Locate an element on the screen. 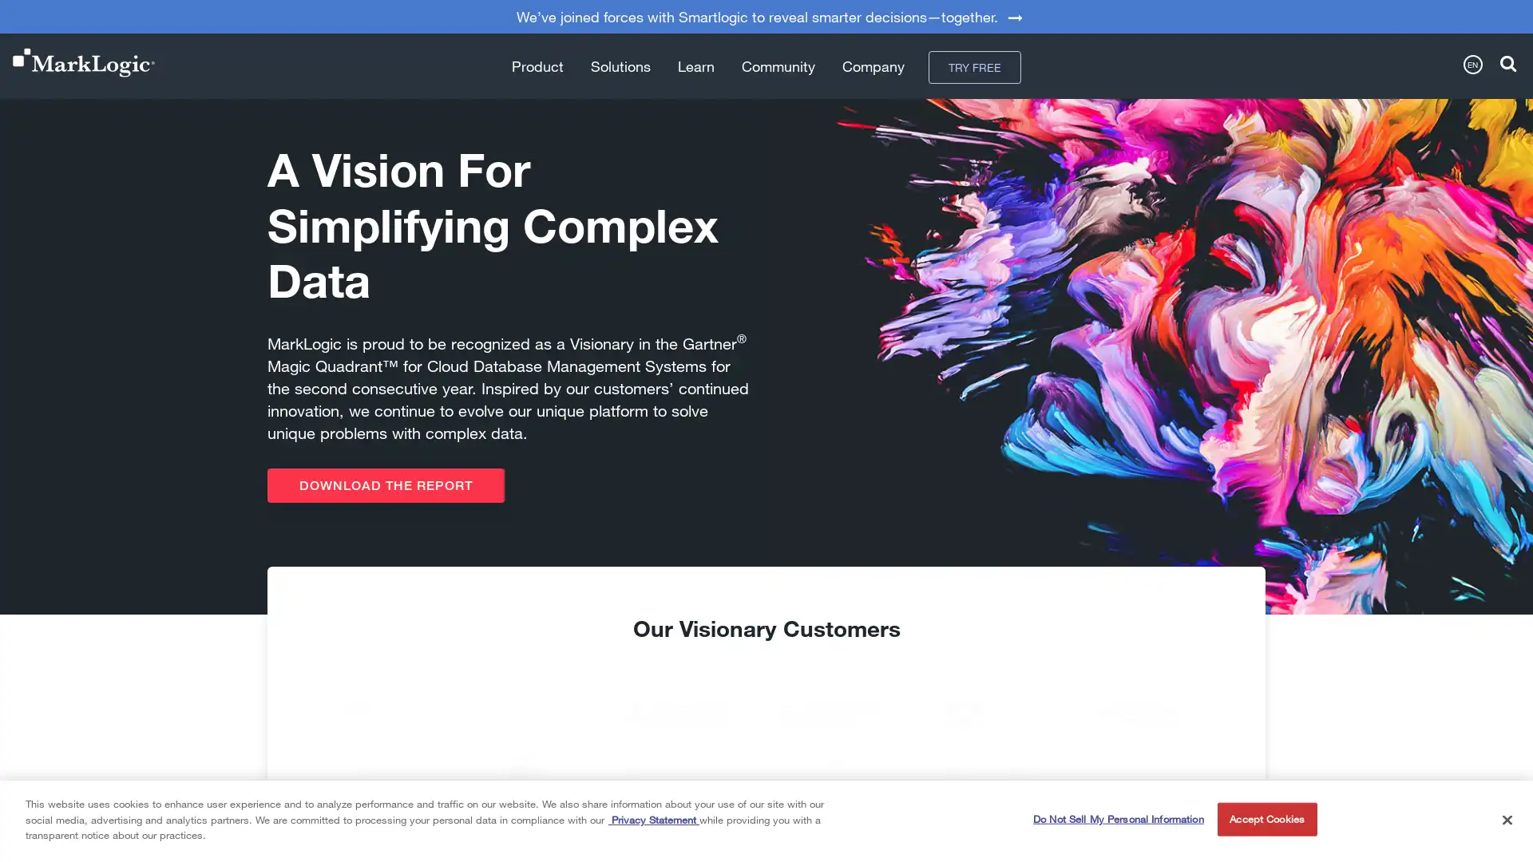  Close is located at coordinates (1506, 819).